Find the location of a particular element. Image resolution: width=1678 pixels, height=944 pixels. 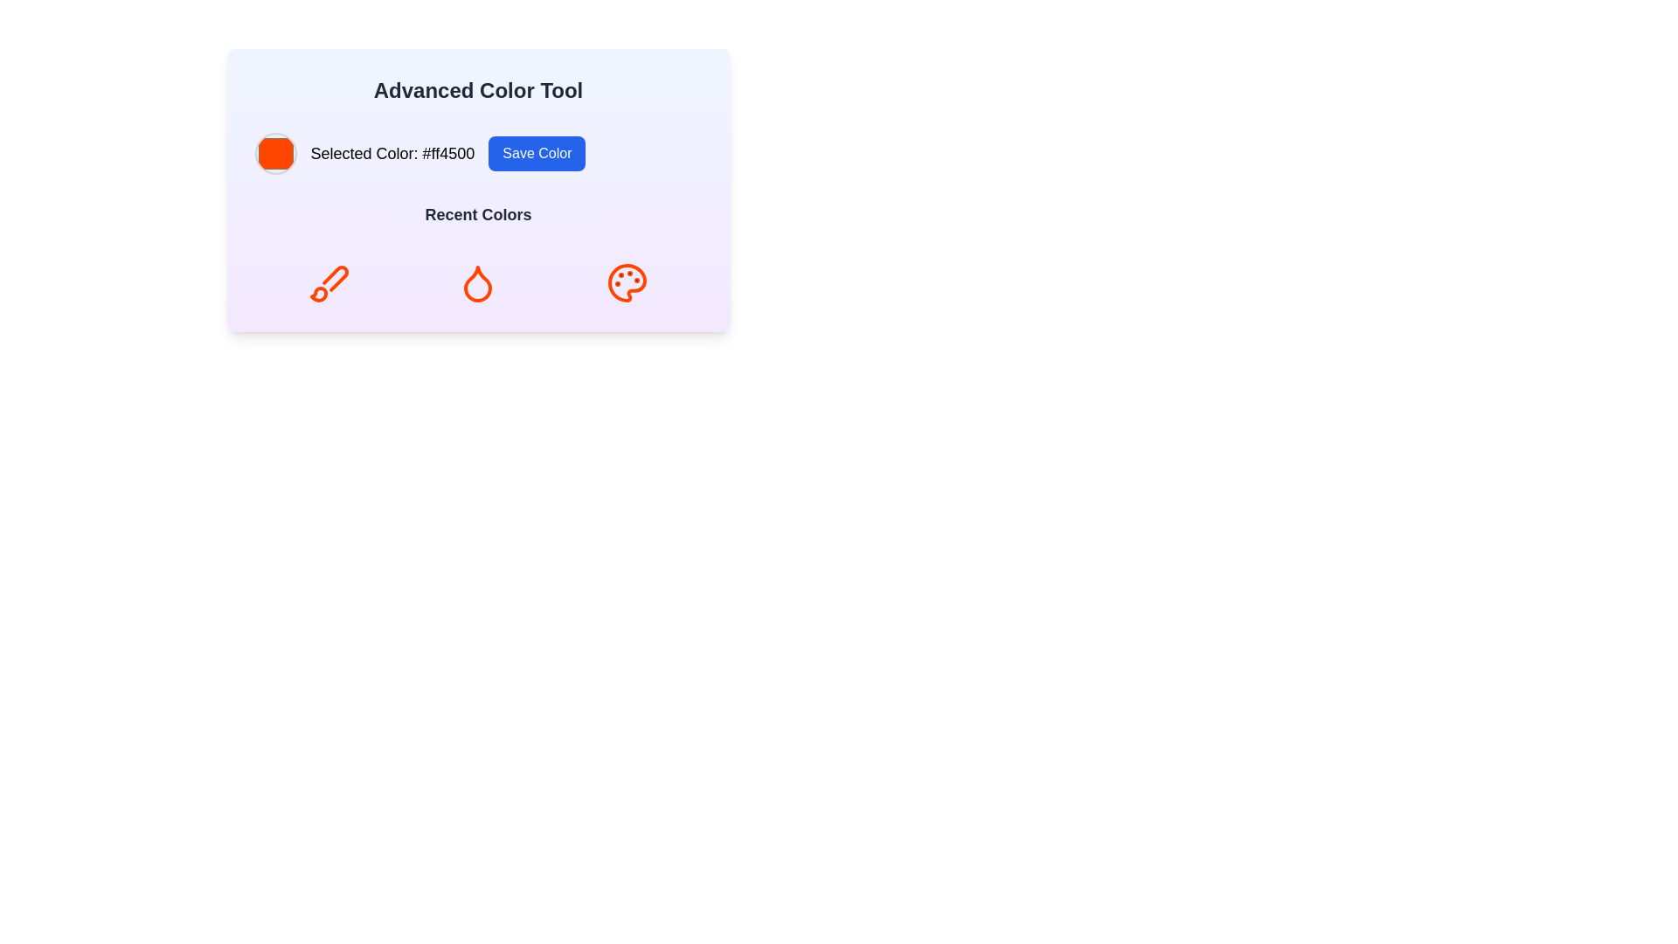

the 'Recent Colors' header which visually segregates the section displaying recently used colors from other sections is located at coordinates (478, 218).